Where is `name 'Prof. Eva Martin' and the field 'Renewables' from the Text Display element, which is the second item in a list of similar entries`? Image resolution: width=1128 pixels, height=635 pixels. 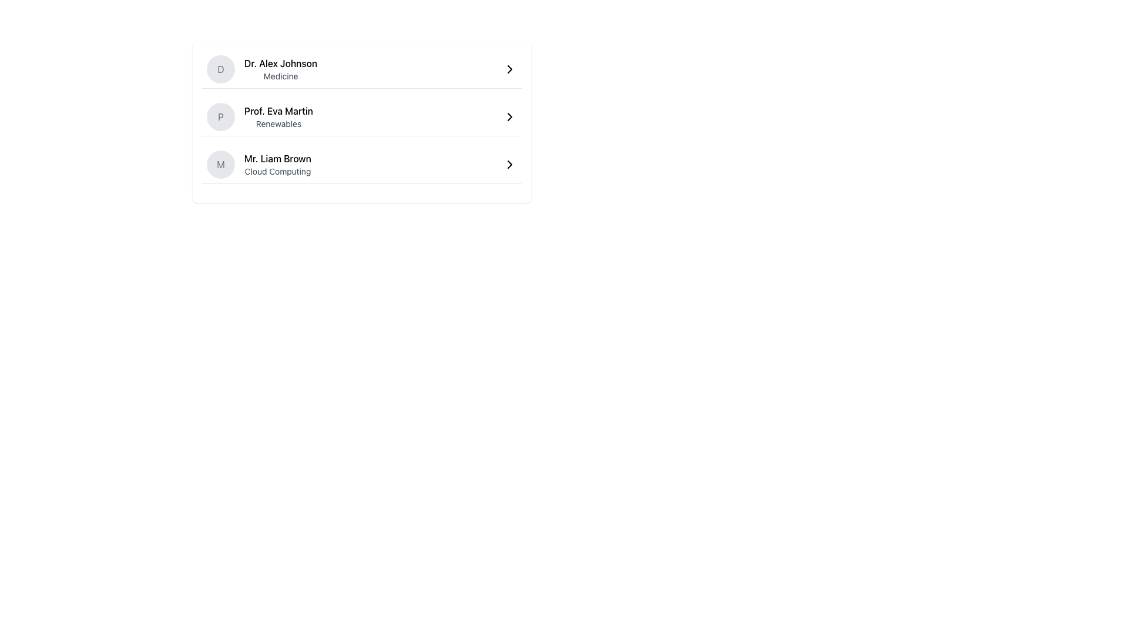
name 'Prof. Eva Martin' and the field 'Renewables' from the Text Display element, which is the second item in a list of similar entries is located at coordinates (278, 117).